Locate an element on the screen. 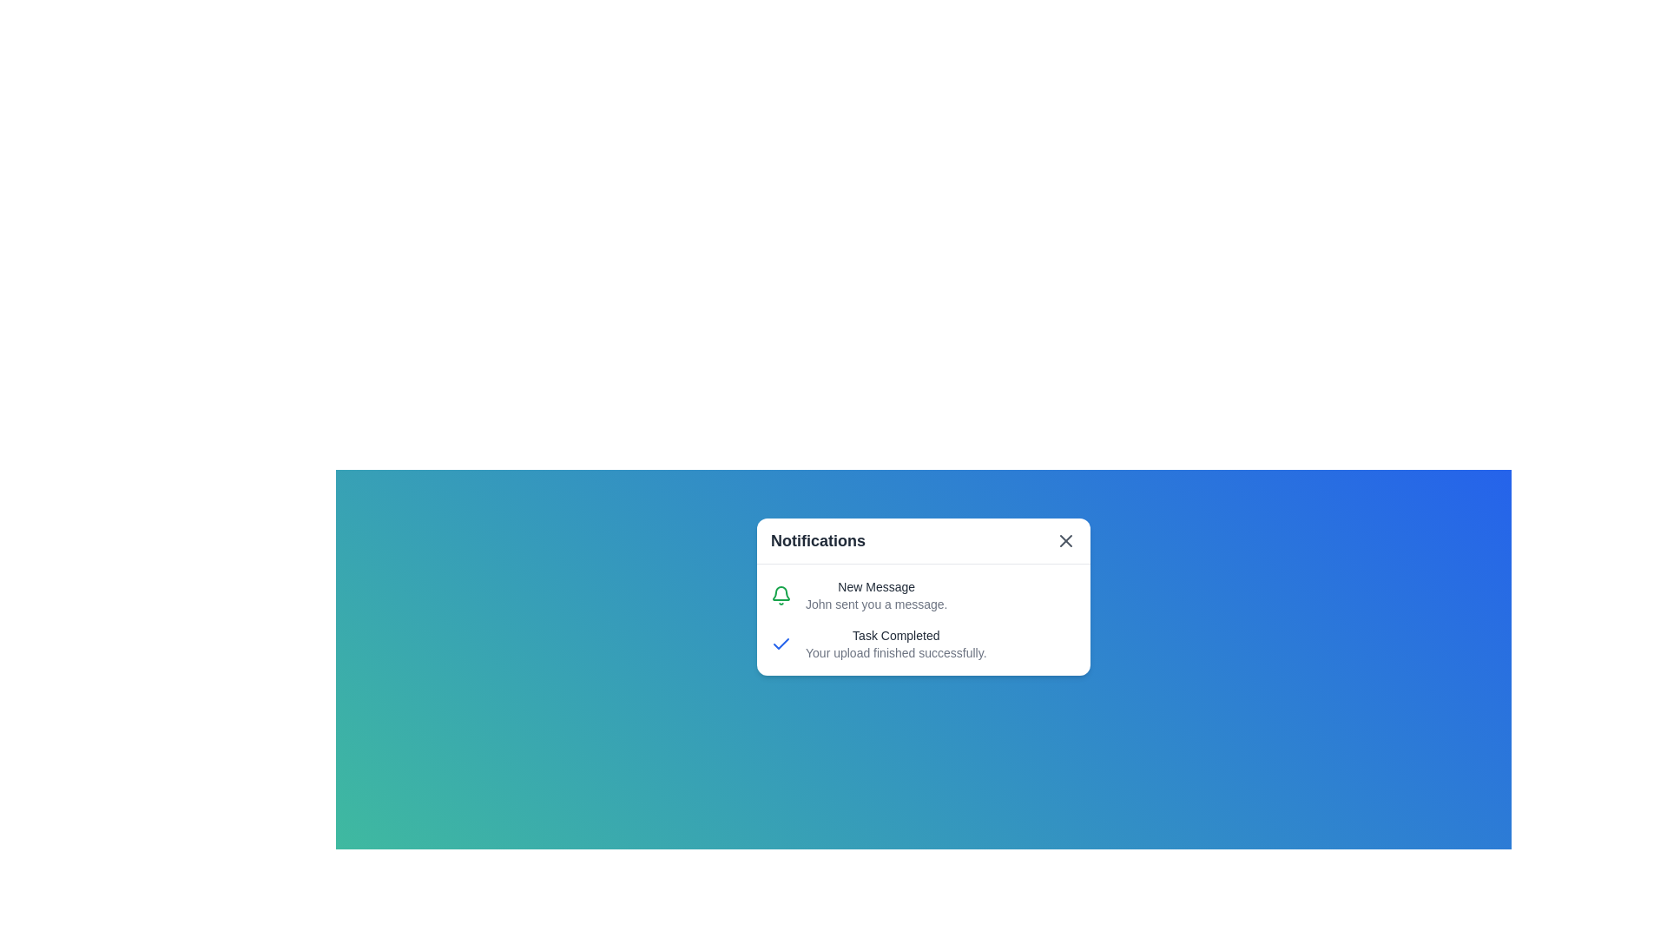 The width and height of the screenshot is (1667, 938). appearance of the blue checkmark icon that represents a completed task, located in the notifications panel to the left of the 'Task Completed' text is located at coordinates (781, 643).